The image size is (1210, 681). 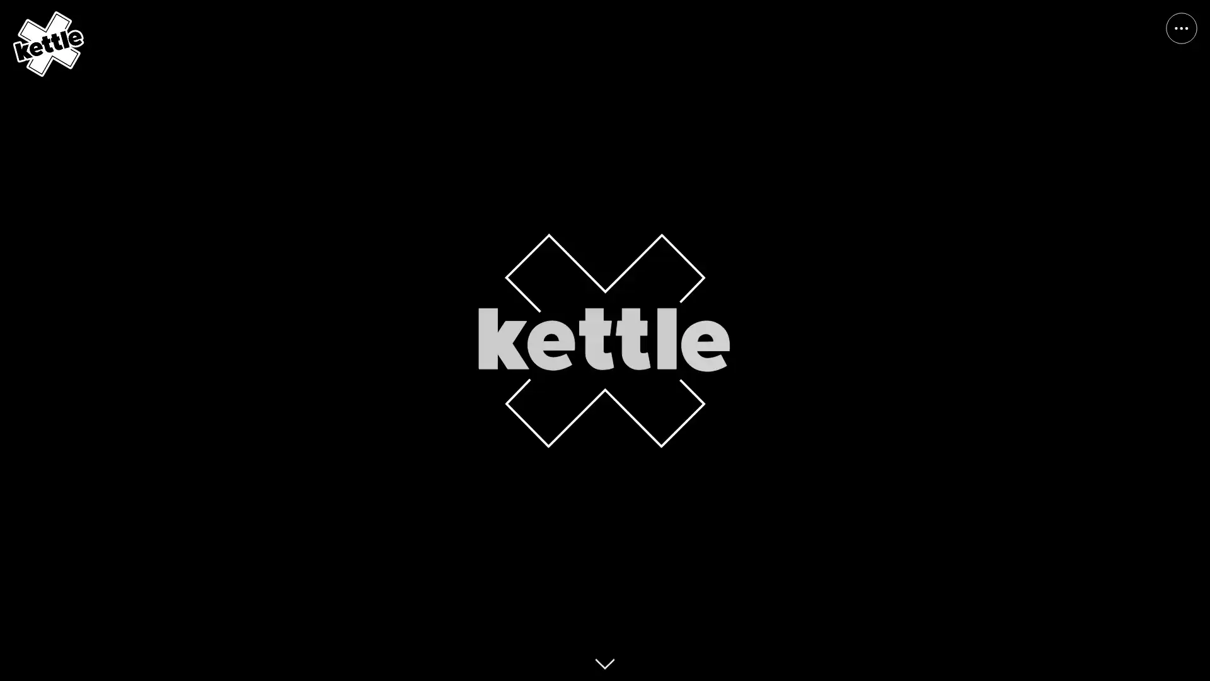 I want to click on Open navigation menu, so click(x=1181, y=28).